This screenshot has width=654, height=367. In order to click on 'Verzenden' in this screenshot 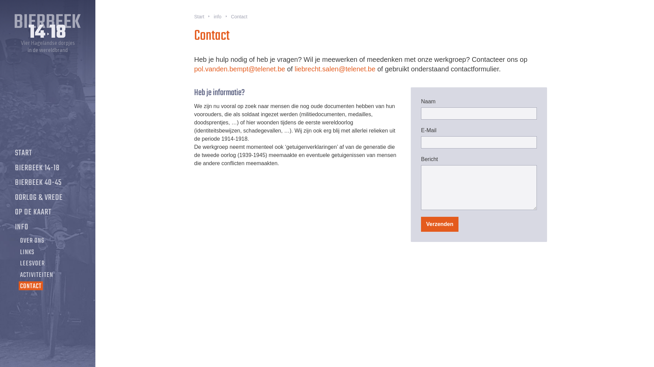, I will do `click(440, 224)`.